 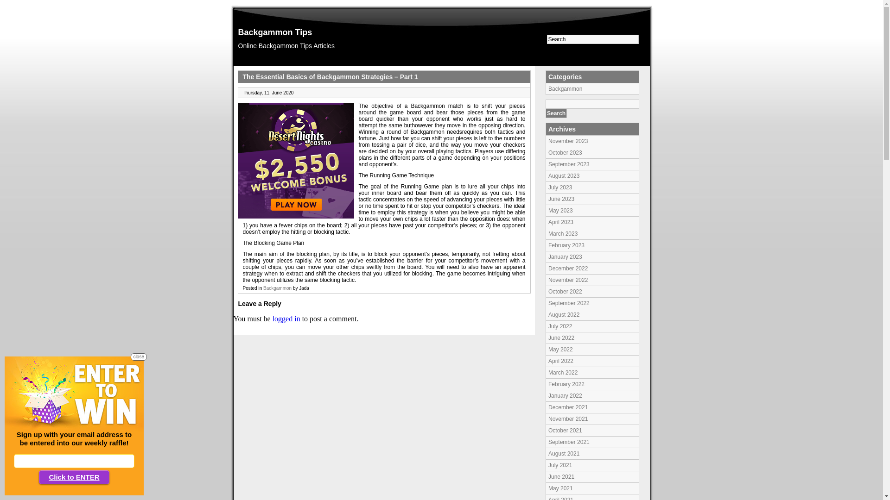 I want to click on 'Backgammon Tips', so click(x=275, y=31).